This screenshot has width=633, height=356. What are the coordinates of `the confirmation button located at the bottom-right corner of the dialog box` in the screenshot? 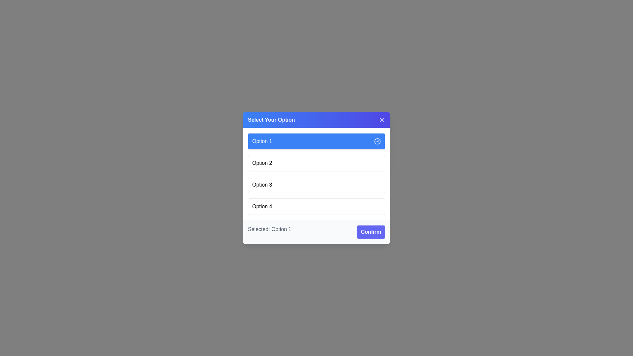 It's located at (371, 232).